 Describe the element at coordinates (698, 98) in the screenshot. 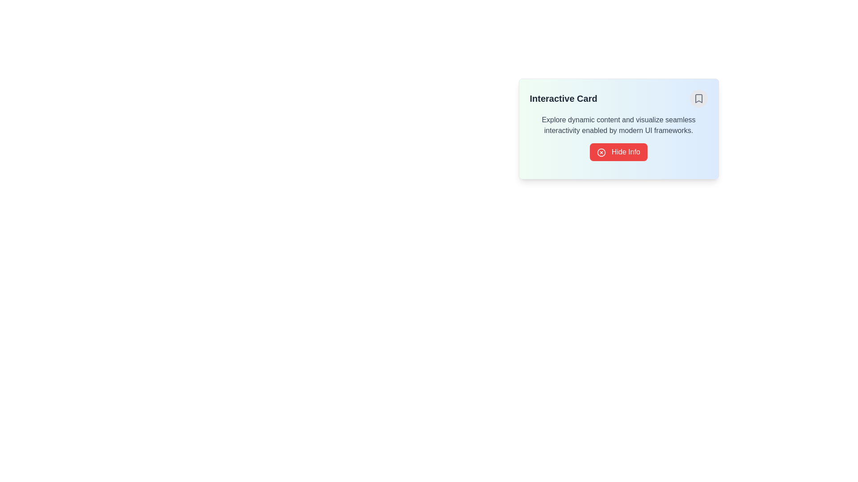

I see `the rounded square button with a light gray background and a bookmark icon located at the top-right corner of the 'Interactive Card'` at that location.